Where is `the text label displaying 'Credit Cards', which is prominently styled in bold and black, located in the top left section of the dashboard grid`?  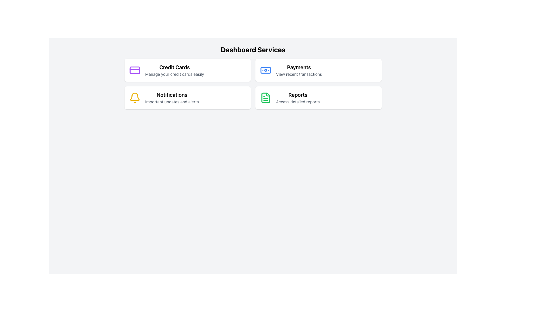 the text label displaying 'Credit Cards', which is prominently styled in bold and black, located in the top left section of the dashboard grid is located at coordinates (174, 67).